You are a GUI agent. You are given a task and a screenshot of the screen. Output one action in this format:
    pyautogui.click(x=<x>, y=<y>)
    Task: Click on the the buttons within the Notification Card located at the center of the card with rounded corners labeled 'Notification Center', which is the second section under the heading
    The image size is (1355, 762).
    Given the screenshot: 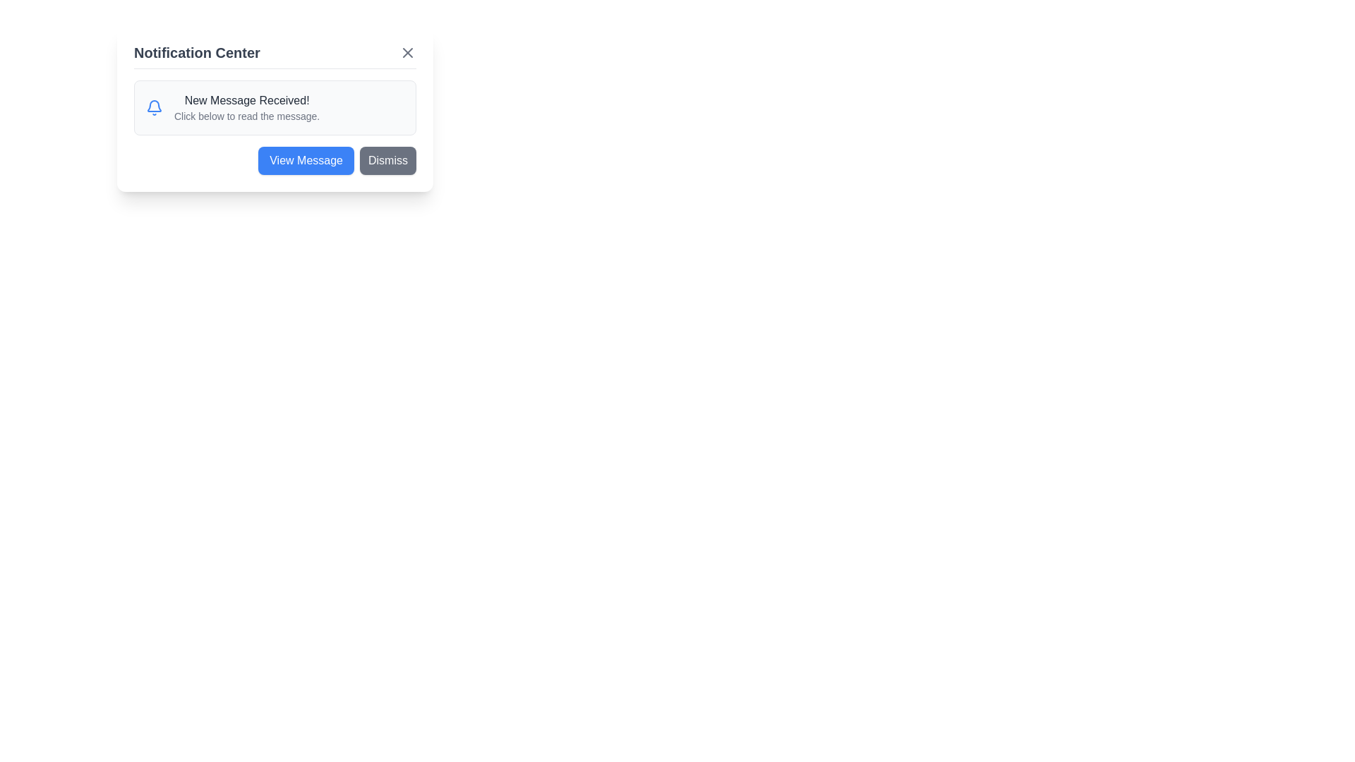 What is the action you would take?
    pyautogui.click(x=275, y=128)
    